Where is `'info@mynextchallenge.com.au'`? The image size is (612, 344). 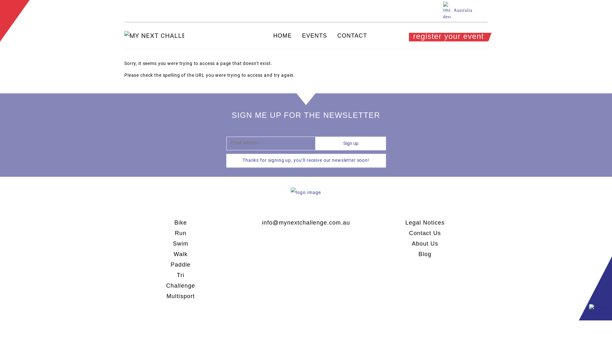
'info@mynextchallenge.com.au' is located at coordinates (305, 222).